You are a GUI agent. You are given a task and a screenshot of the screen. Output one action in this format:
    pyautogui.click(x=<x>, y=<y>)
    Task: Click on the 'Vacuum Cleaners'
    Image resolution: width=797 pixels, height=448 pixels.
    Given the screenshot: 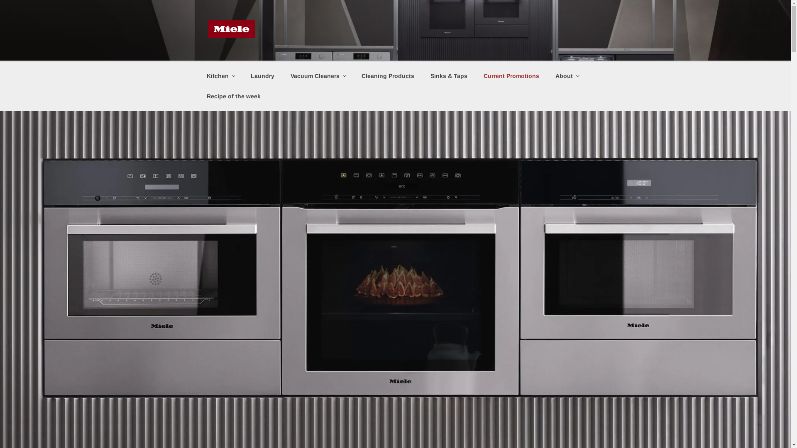 What is the action you would take?
    pyautogui.click(x=283, y=75)
    